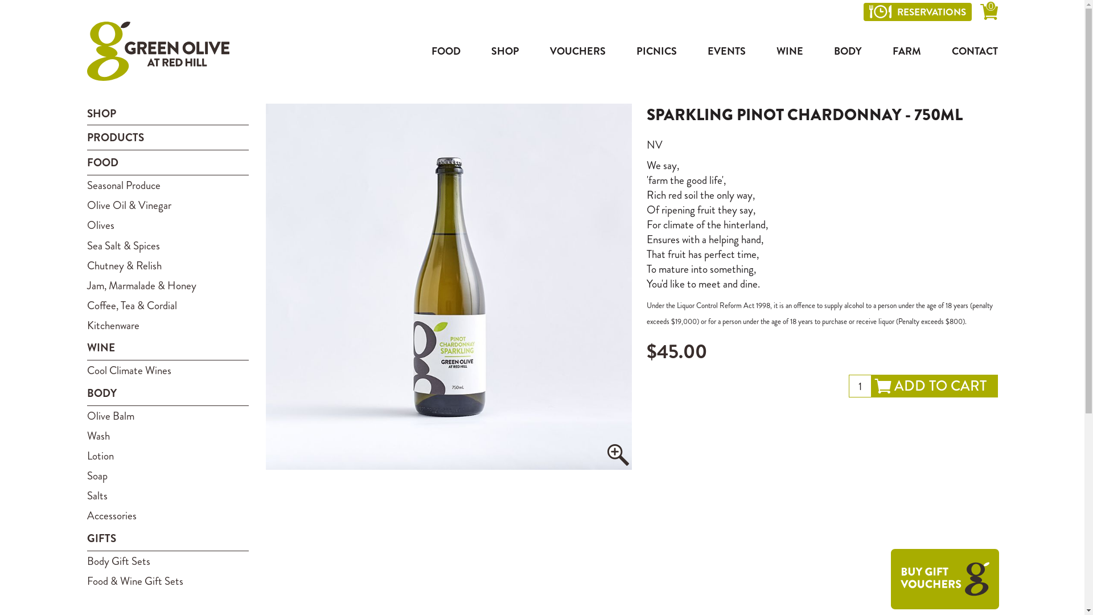 This screenshot has width=1093, height=615. Describe the element at coordinates (577, 50) in the screenshot. I see `'VOUCHERS'` at that location.